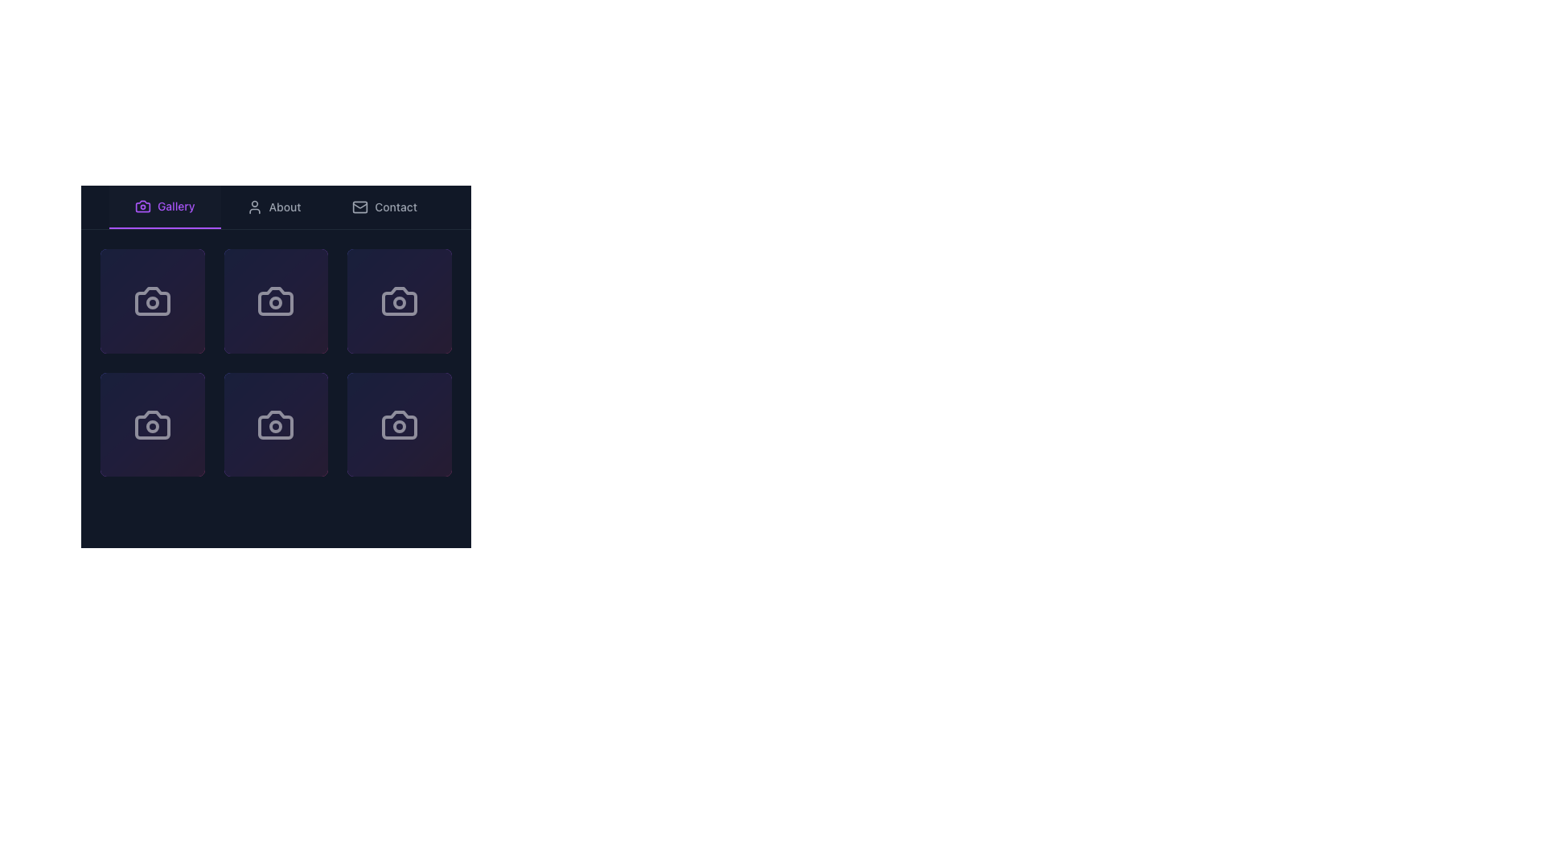 This screenshot has height=868, width=1544. I want to click on to interact with the interactive tile featuring a white camera icon on a gradient background of blue to purple and pink, located in the second column of the first row, so click(276, 301).